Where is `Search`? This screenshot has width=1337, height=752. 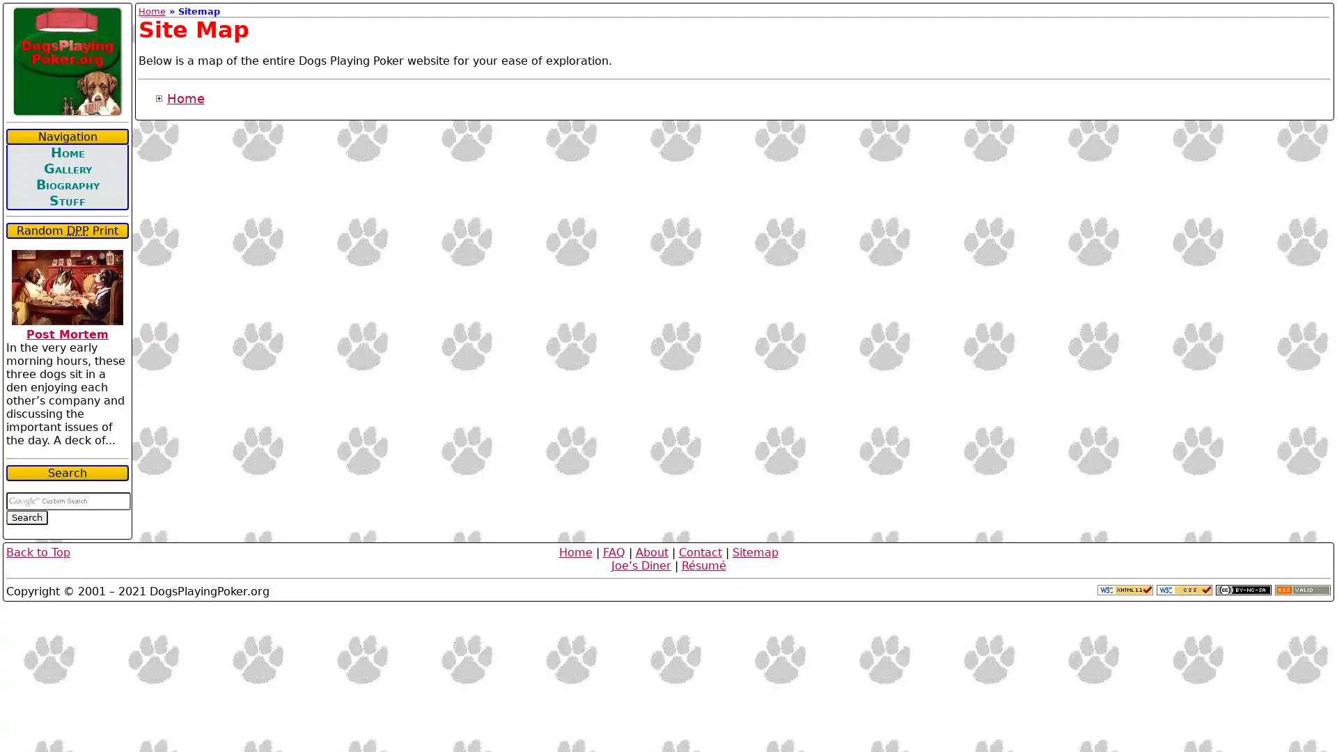 Search is located at coordinates (26, 517).